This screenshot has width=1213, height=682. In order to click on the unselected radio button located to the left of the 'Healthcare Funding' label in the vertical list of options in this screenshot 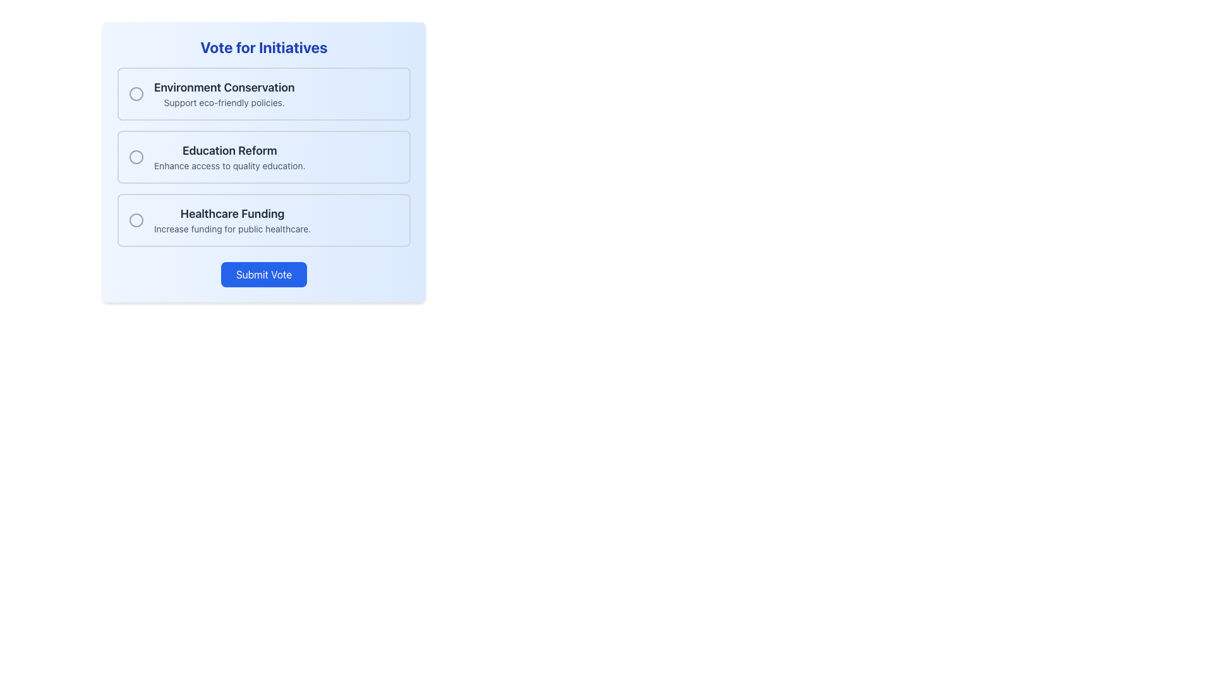, I will do `click(136, 219)`.